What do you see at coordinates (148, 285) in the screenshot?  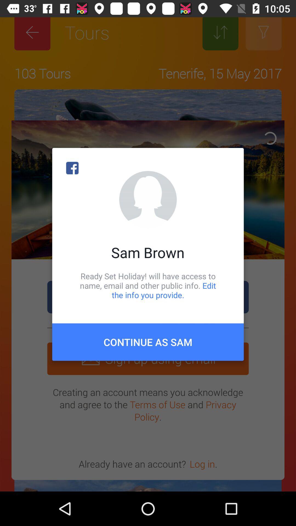 I see `the item below the sam brown` at bounding box center [148, 285].